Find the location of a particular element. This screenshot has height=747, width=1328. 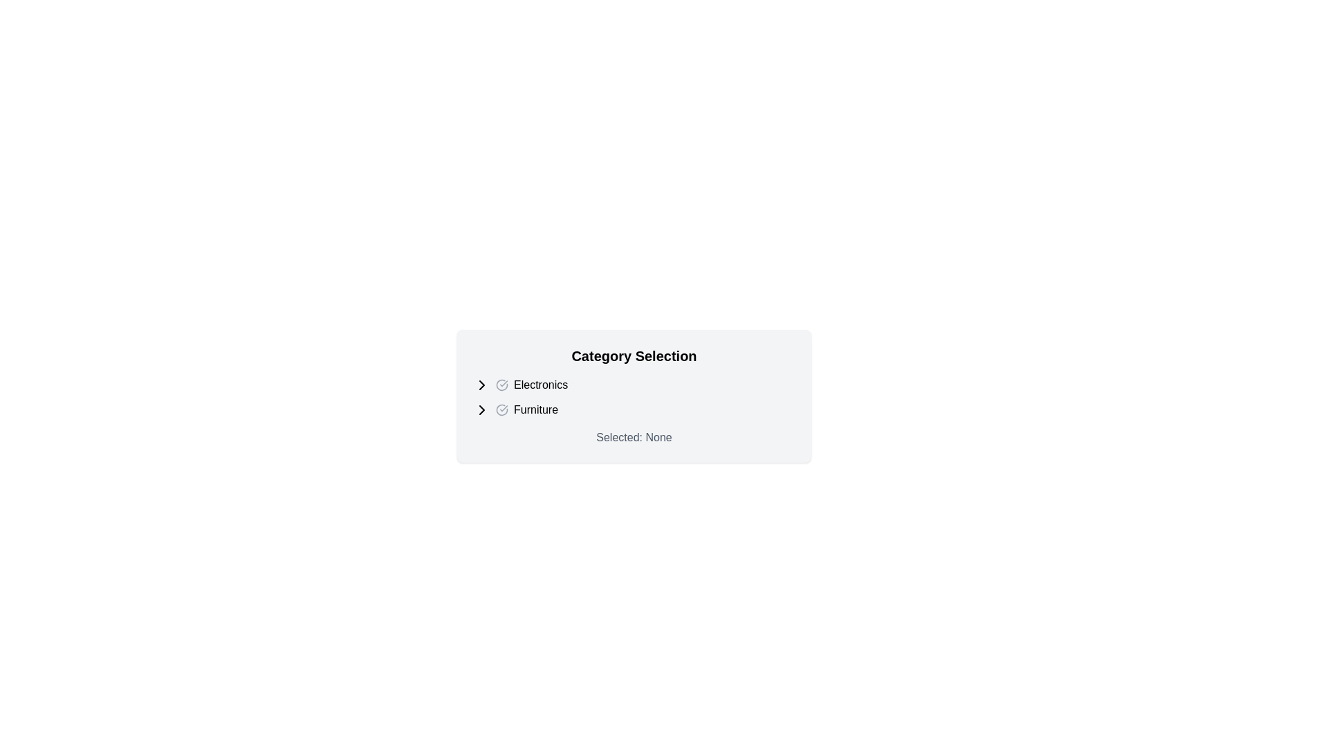

the 'Electronics' static text label is located at coordinates (540, 385).